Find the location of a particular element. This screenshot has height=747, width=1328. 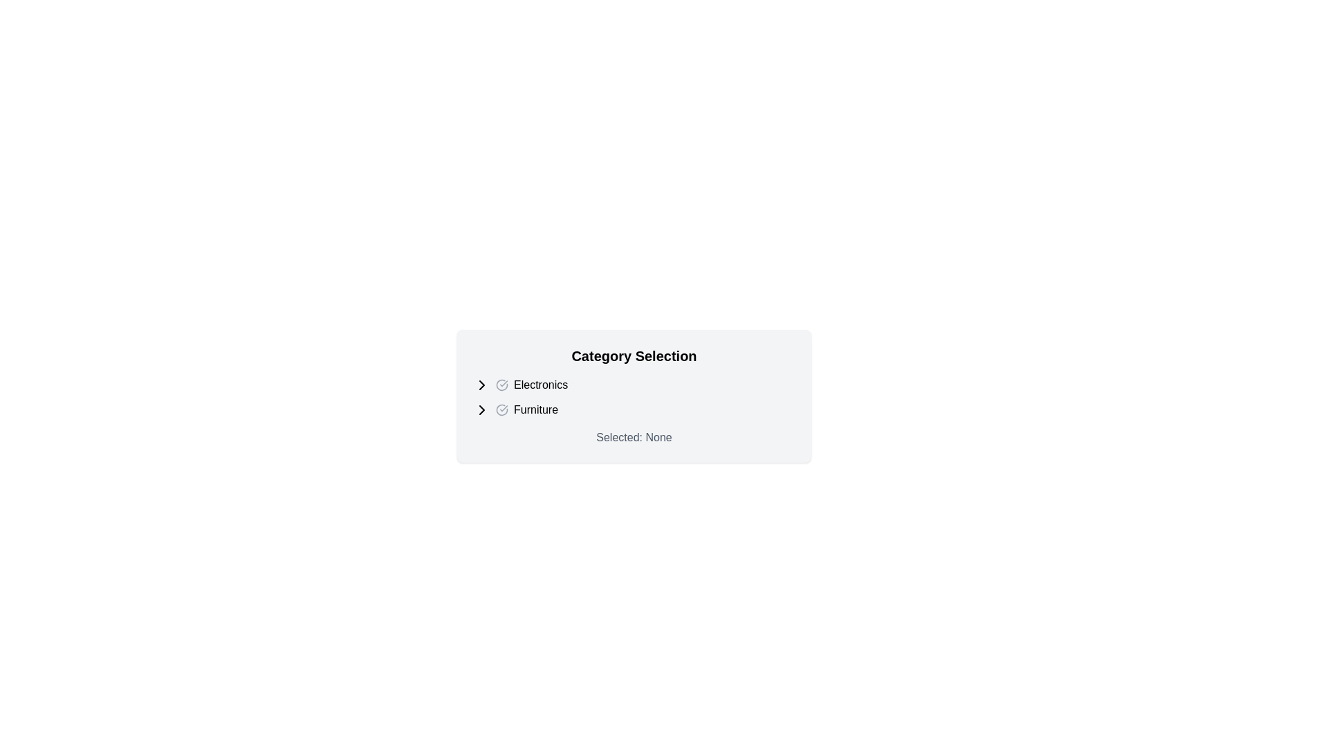

the 'Electronics' static text label is located at coordinates (540, 385).